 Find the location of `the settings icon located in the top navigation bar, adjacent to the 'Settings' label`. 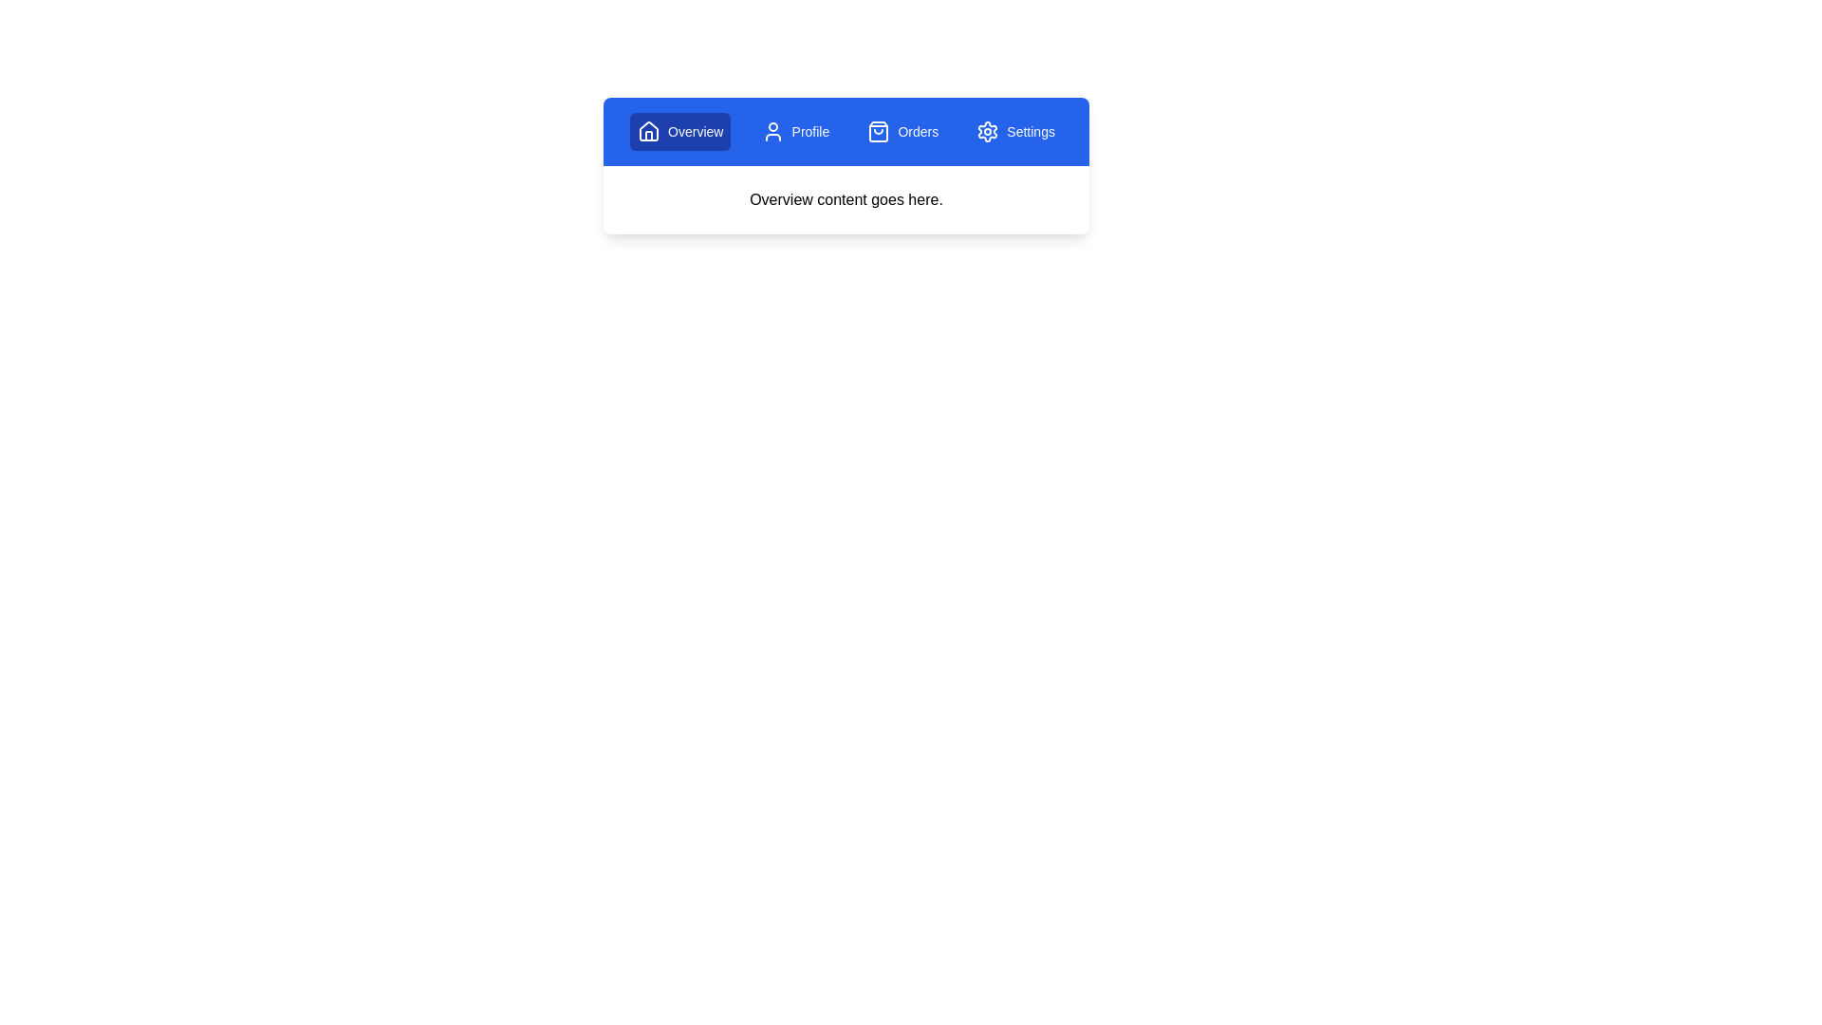

the settings icon located in the top navigation bar, adjacent to the 'Settings' label is located at coordinates (987, 130).